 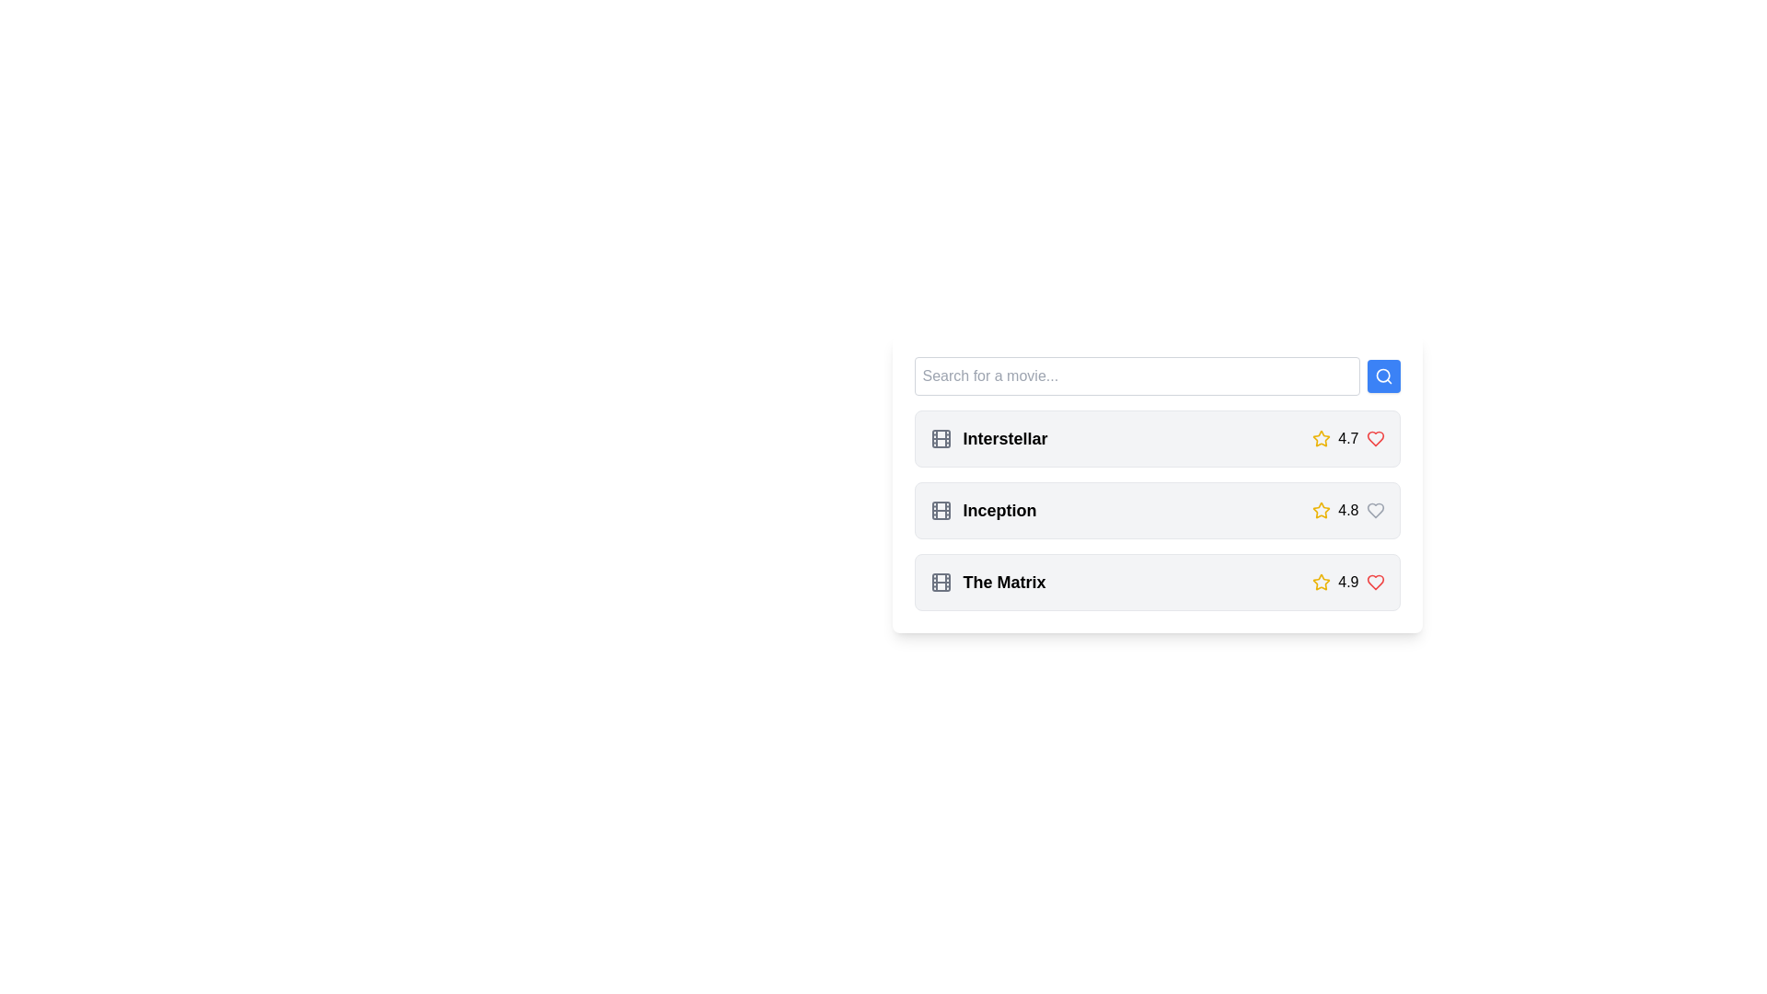 I want to click on the movie icon located to the left of the label 'Interstellar' in the first entry of the movie list, so click(x=941, y=439).